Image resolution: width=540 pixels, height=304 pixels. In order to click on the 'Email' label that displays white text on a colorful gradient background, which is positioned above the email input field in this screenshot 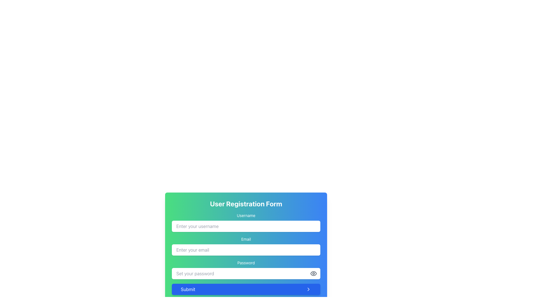, I will do `click(246, 239)`.